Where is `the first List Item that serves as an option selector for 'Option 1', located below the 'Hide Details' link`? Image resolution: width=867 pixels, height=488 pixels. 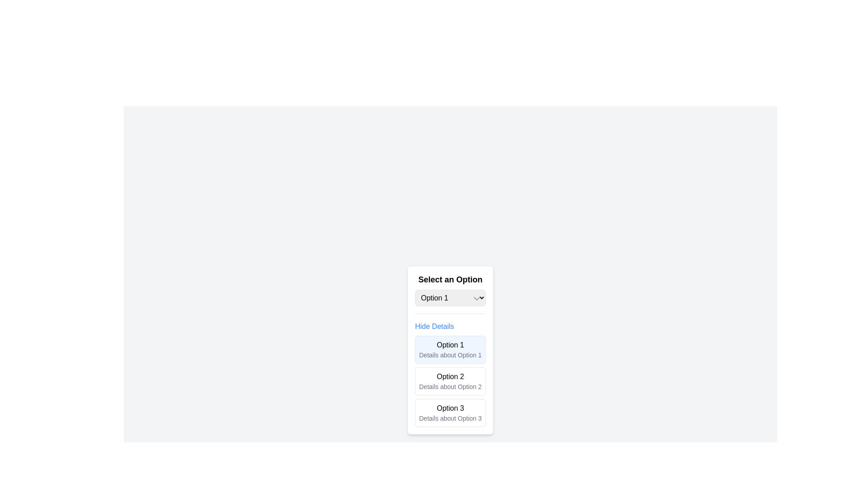 the first List Item that serves as an option selector for 'Option 1', located below the 'Hide Details' link is located at coordinates (450, 349).